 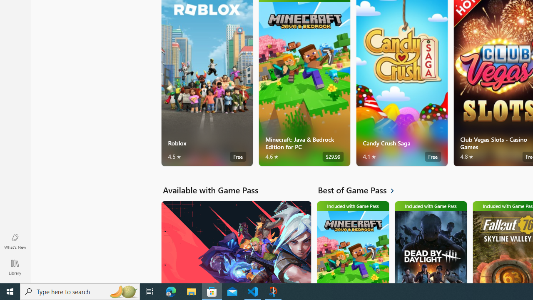 I want to click on 'See all  Best of Game Pass', so click(x=361, y=190).